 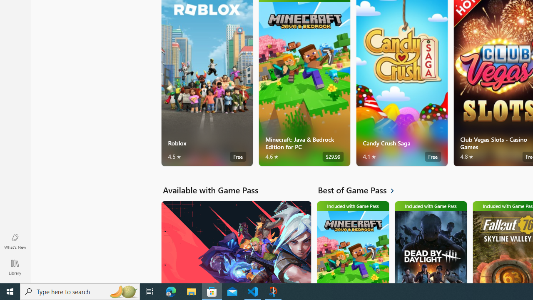 I want to click on 'See all  Best of Game Pass', so click(x=361, y=190).